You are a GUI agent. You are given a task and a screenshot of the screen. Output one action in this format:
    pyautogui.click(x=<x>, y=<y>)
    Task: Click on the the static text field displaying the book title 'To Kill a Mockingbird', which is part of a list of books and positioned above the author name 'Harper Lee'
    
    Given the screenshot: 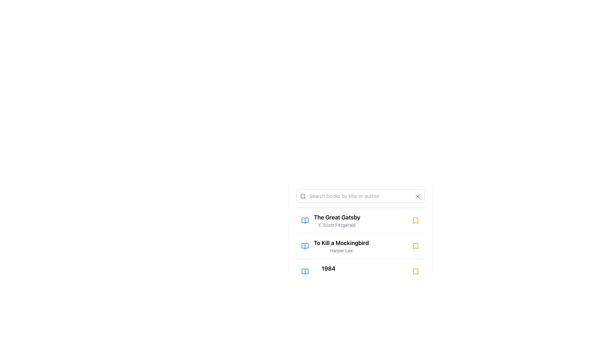 What is the action you would take?
    pyautogui.click(x=341, y=243)
    